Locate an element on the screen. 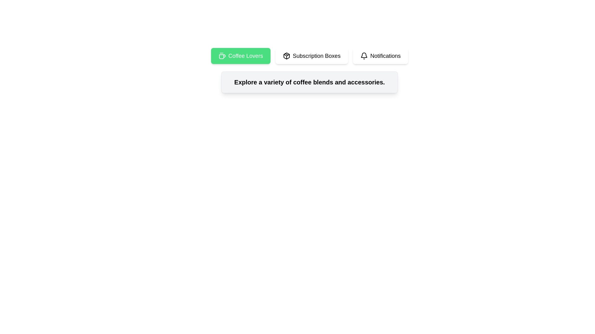  the 'Subscription Boxes' button, which is a rectangular button with a white background and black text is located at coordinates (311, 56).